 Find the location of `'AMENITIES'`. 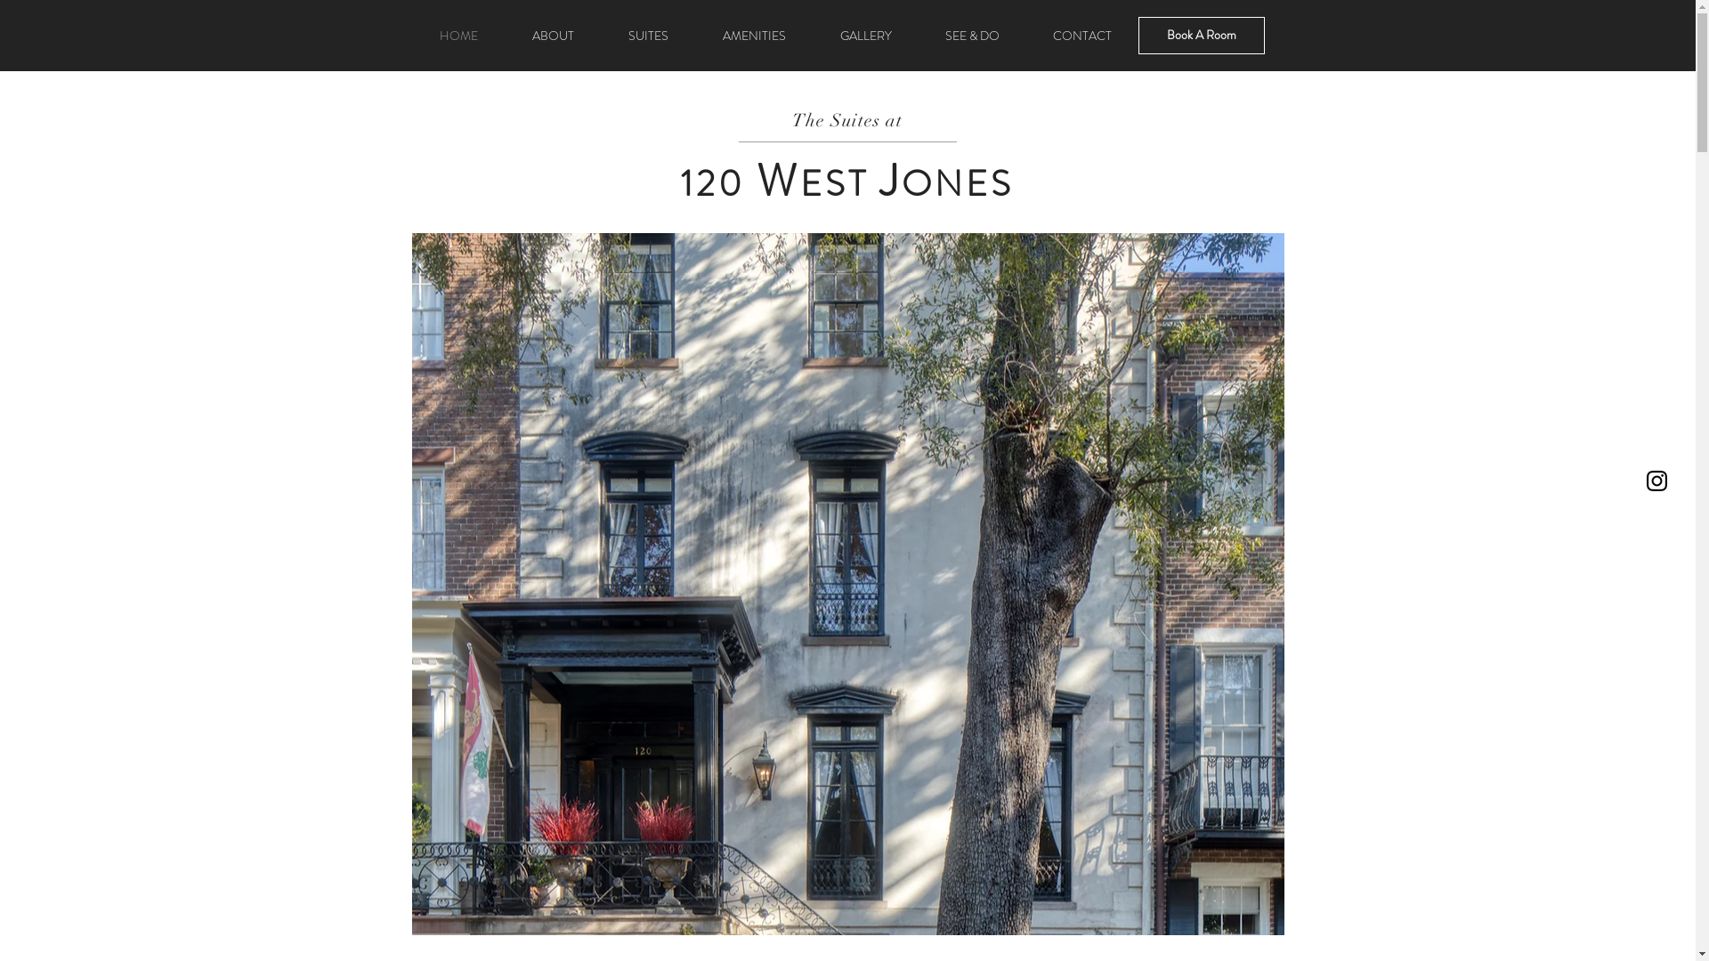

'AMENITIES' is located at coordinates (755, 35).